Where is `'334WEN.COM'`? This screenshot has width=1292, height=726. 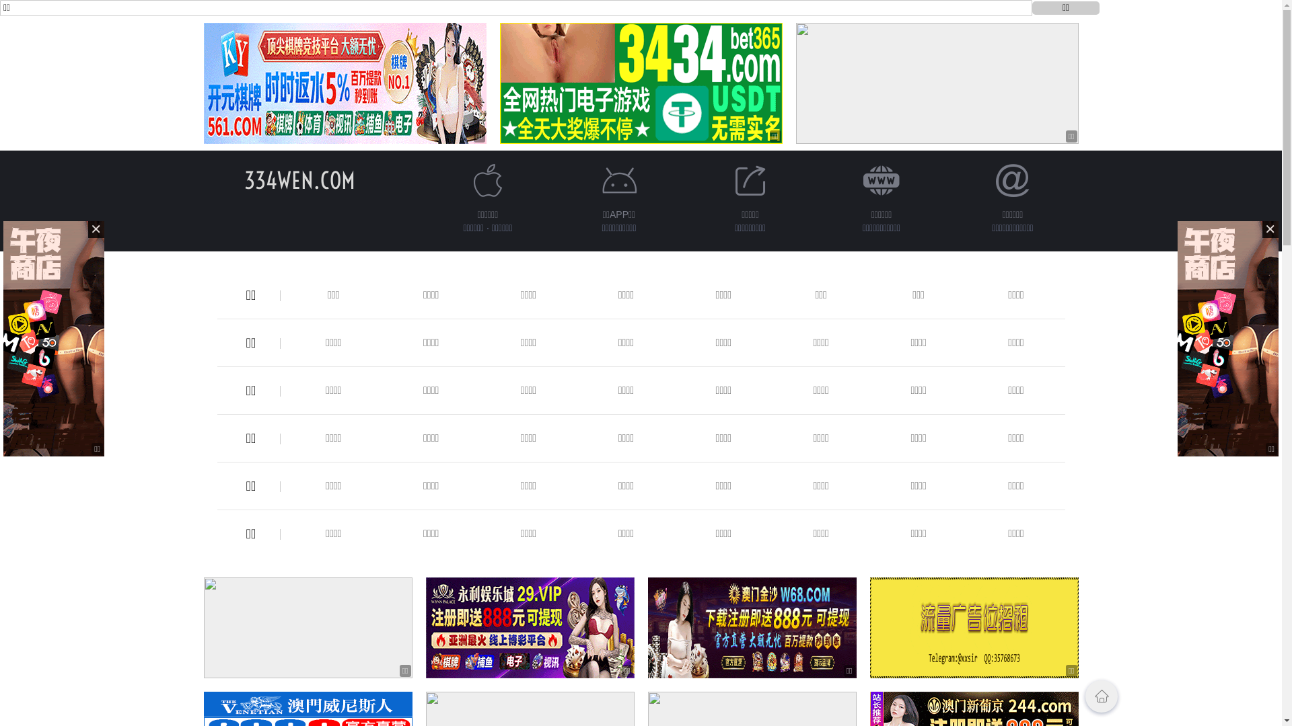 '334WEN.COM' is located at coordinates (299, 179).